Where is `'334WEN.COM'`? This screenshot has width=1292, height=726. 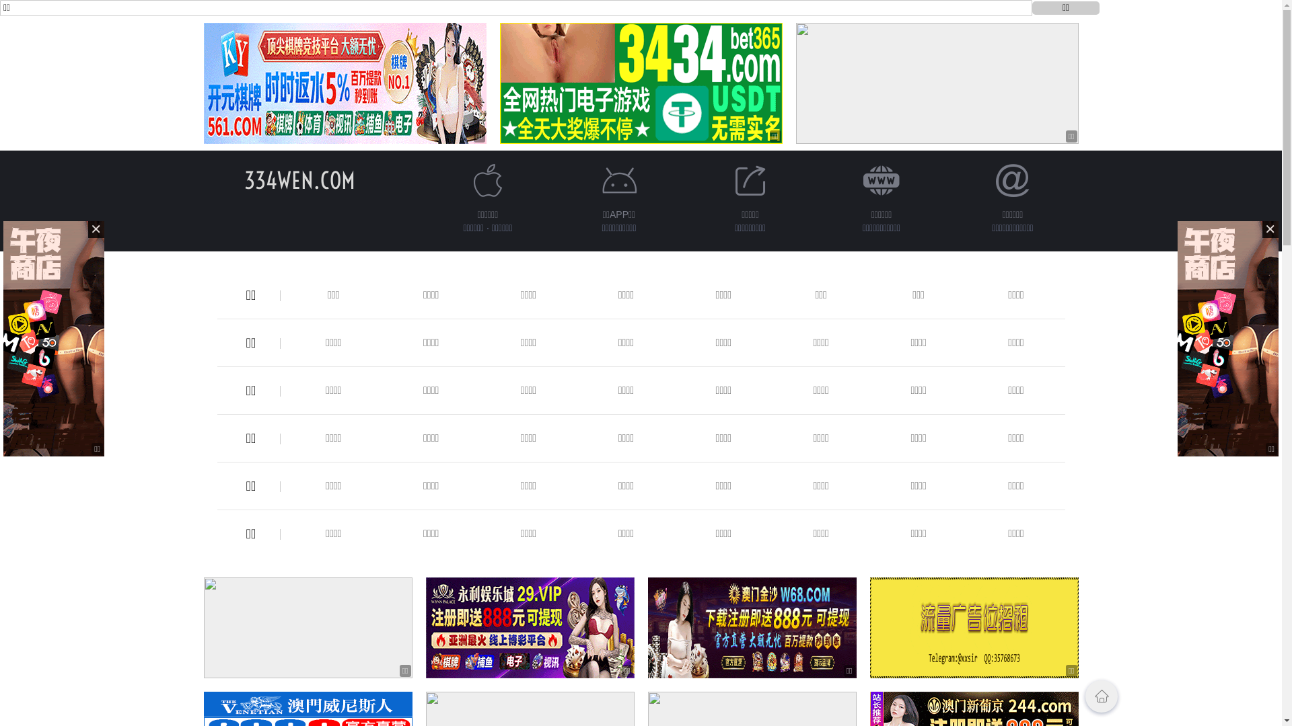 '334WEN.COM' is located at coordinates (299, 179).